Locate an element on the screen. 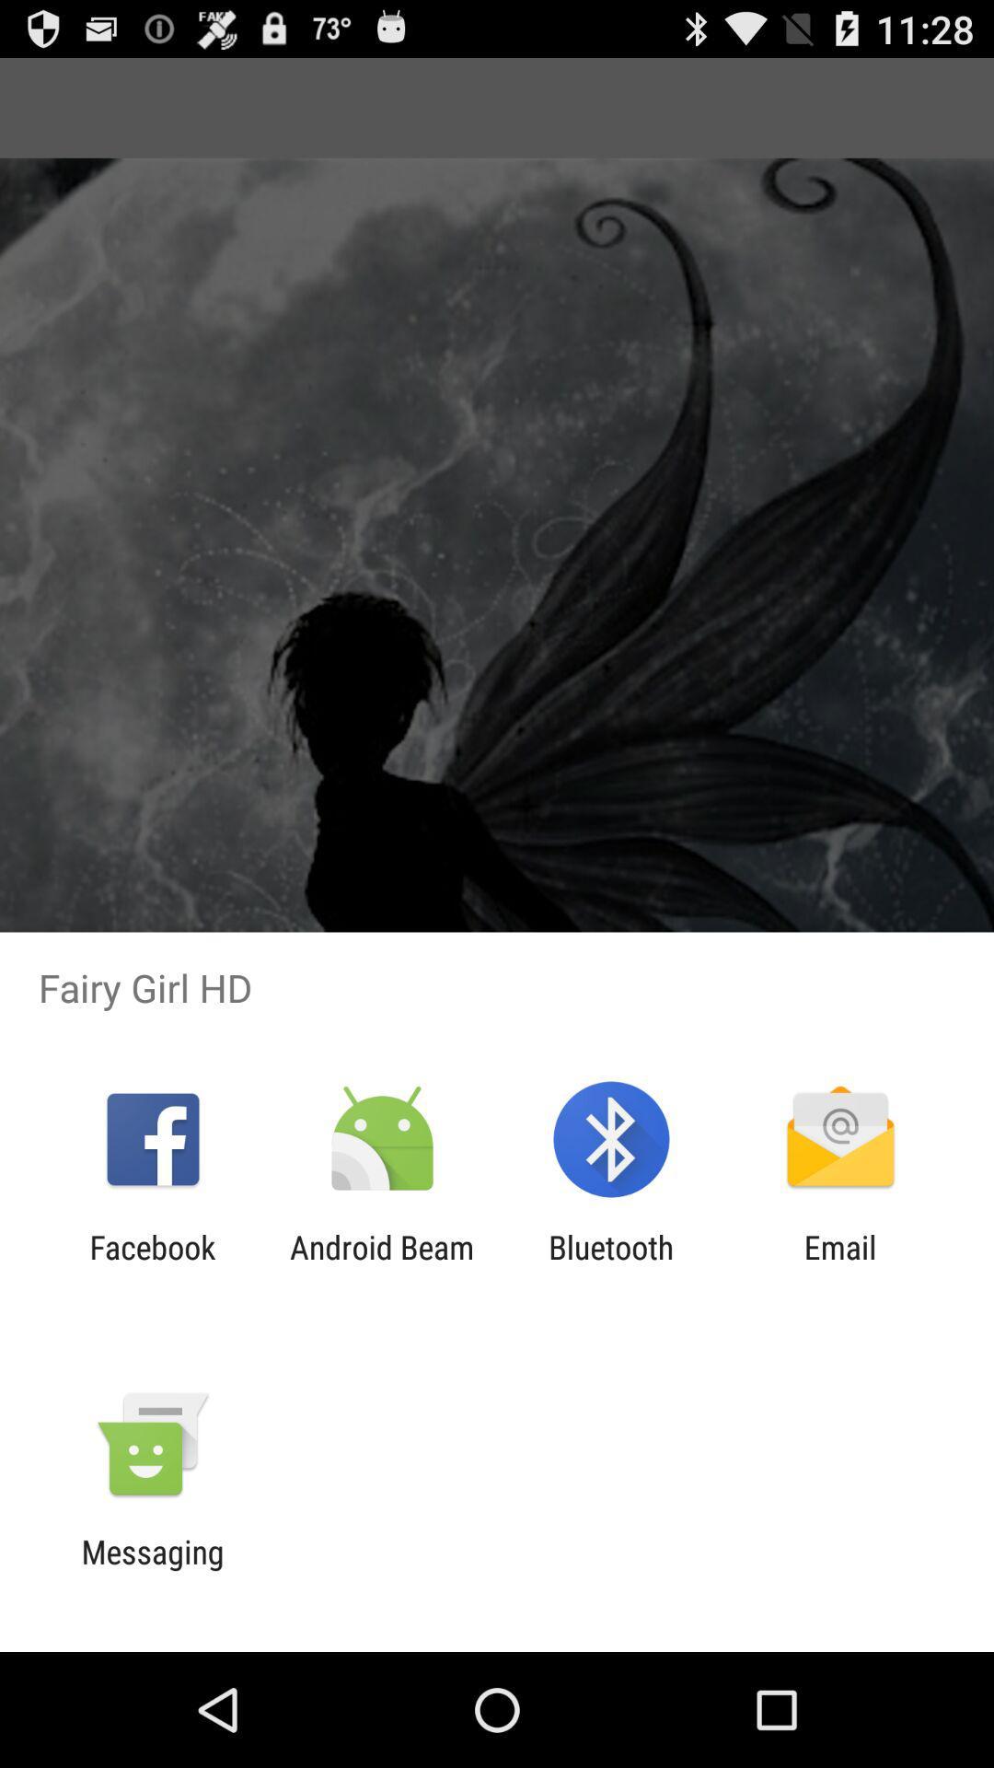 Image resolution: width=994 pixels, height=1768 pixels. the item at the bottom right corner is located at coordinates (840, 1265).